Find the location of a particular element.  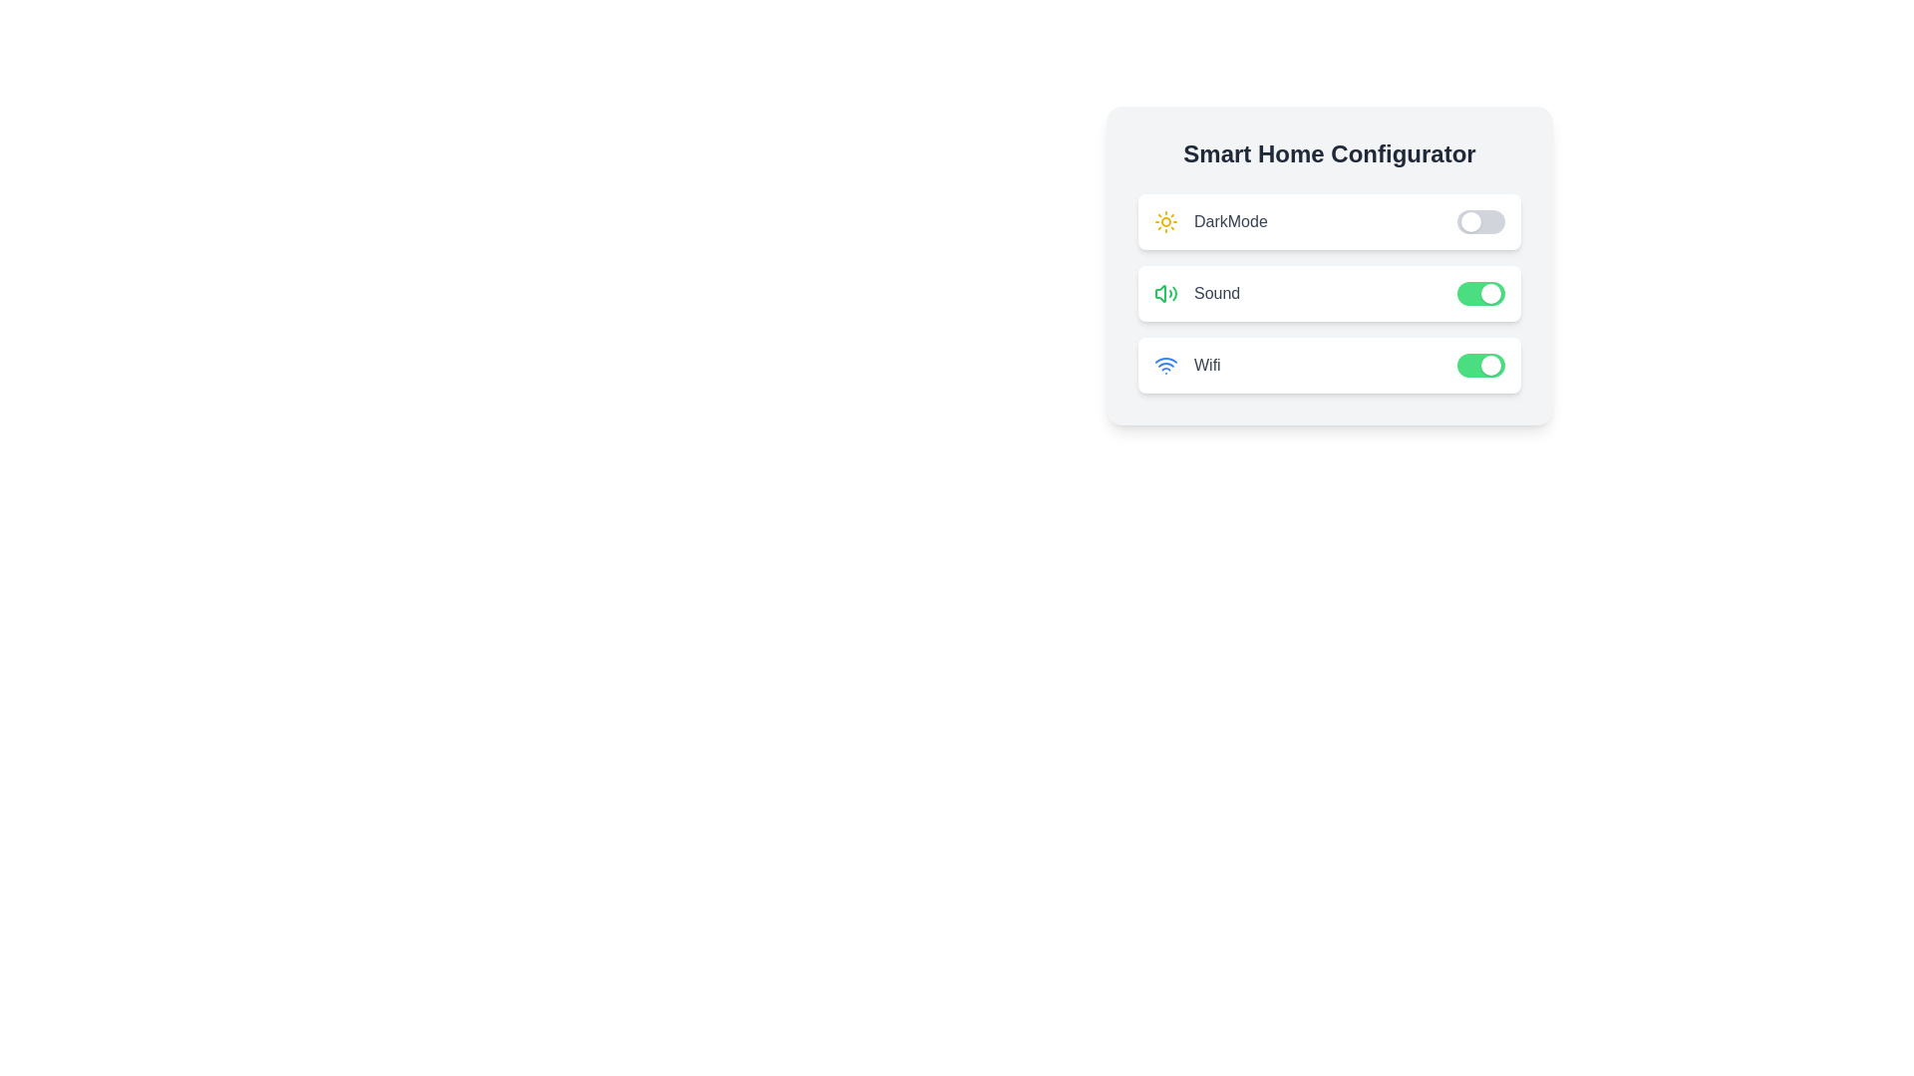

the sun icon located in the upper-left area of the 'DarkMode' section is located at coordinates (1166, 222).